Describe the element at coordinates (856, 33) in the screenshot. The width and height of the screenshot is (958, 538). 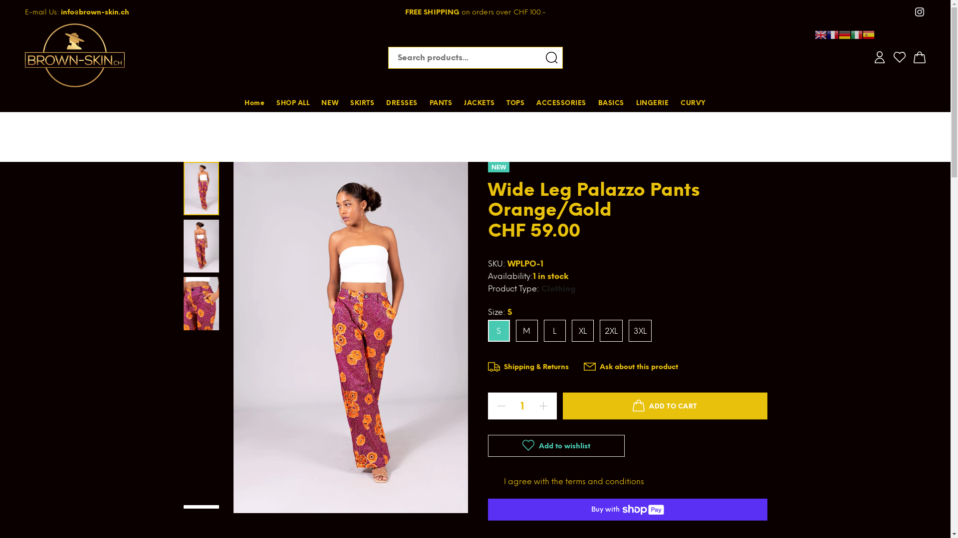
I see `'Italian'` at that location.